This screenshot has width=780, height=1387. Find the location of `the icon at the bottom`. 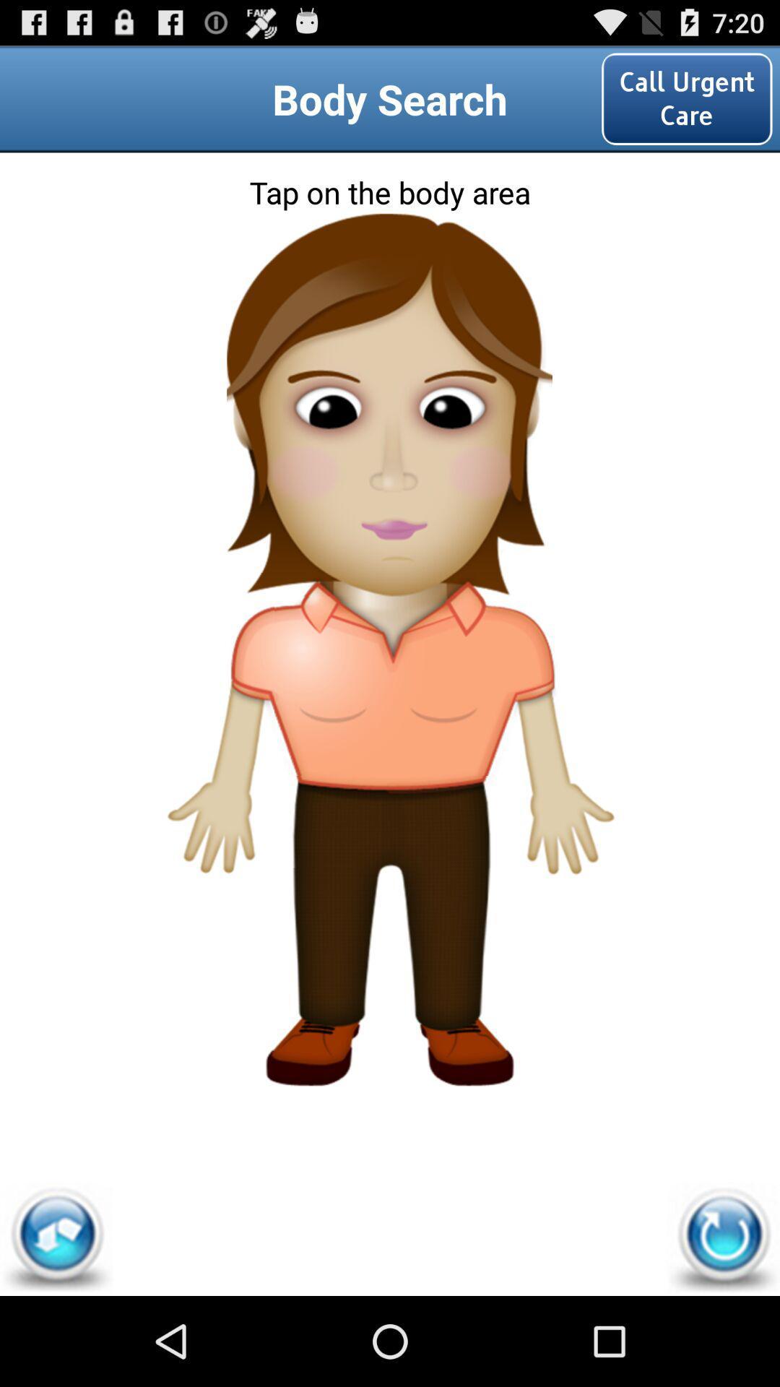

the icon at the bottom is located at coordinates (390, 977).